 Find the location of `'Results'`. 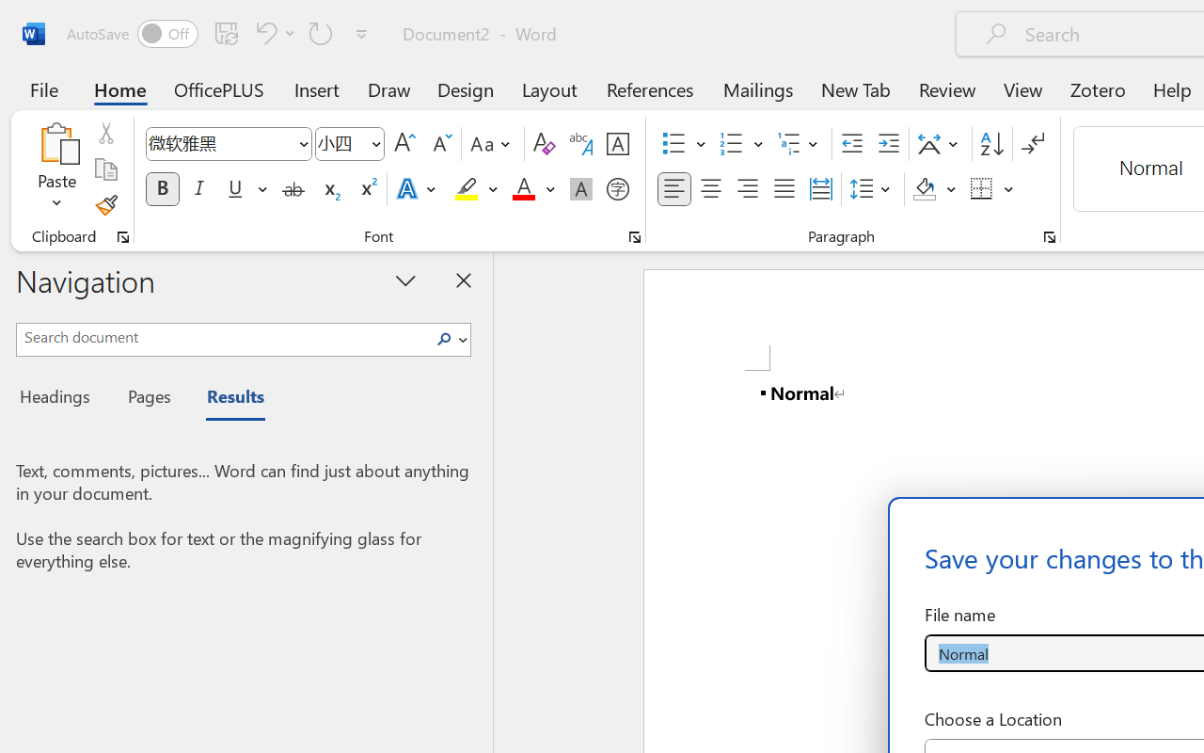

'Results' is located at coordinates (226, 399).